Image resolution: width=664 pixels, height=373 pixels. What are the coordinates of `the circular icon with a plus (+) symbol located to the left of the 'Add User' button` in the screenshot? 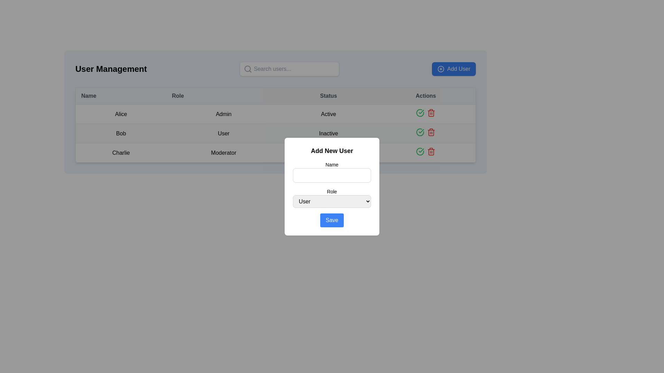 It's located at (441, 69).